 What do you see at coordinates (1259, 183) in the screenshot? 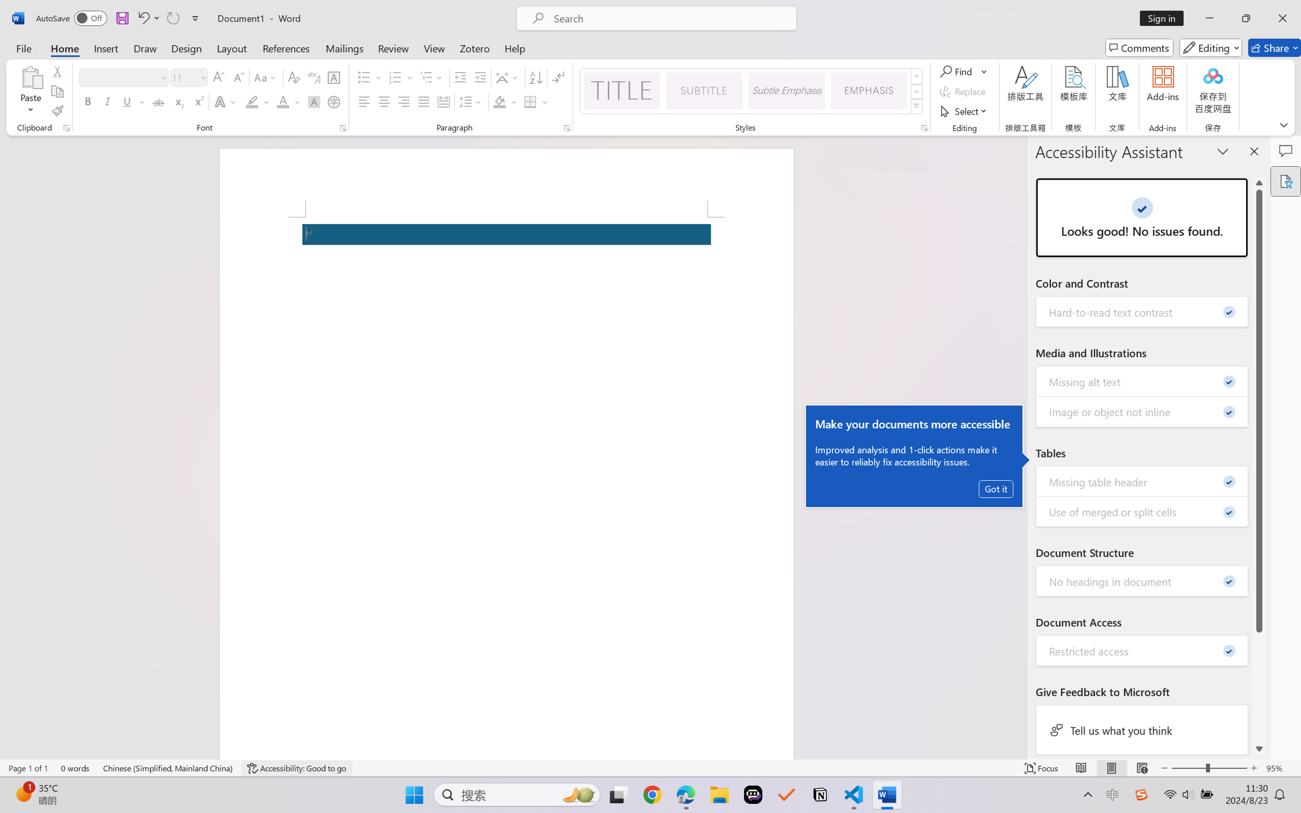
I see `'Line up'` at bounding box center [1259, 183].